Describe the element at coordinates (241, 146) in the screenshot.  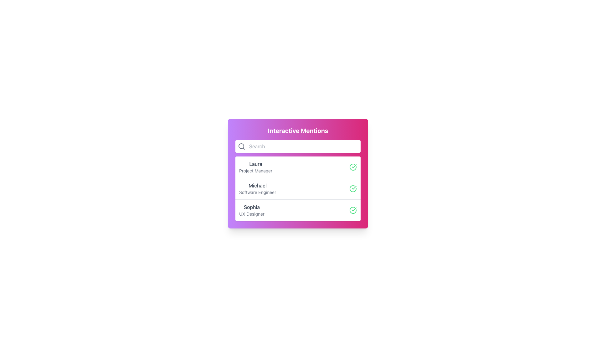
I see `the magnifying glass icon with a gray outline, which represents the search functionality, located to the left of the search input box displaying 'Search...'` at that location.